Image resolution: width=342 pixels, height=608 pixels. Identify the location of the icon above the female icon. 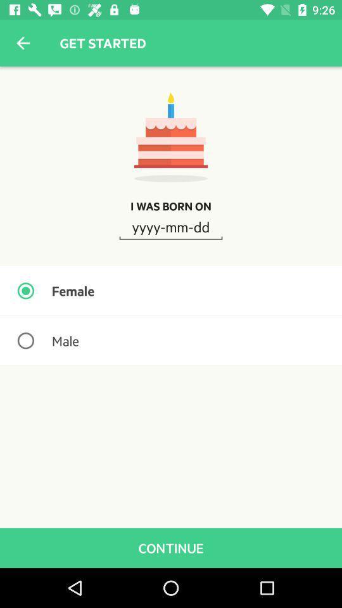
(171, 226).